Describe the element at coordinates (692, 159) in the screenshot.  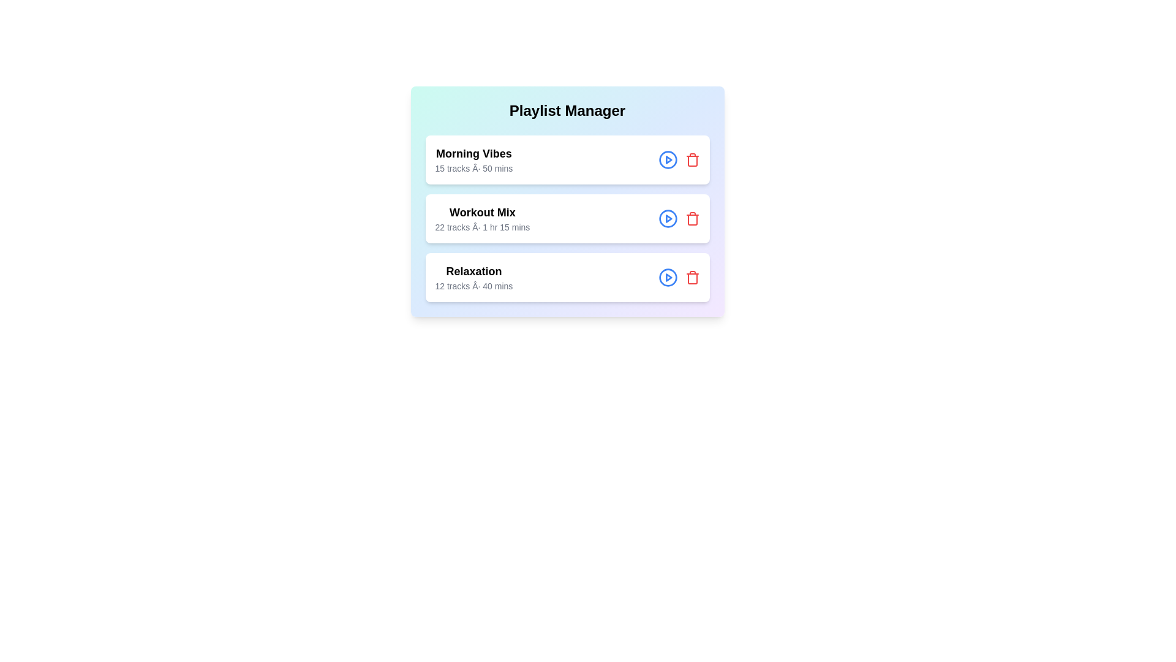
I see `the delete button for the playlist titled 'Morning Vibes'` at that location.